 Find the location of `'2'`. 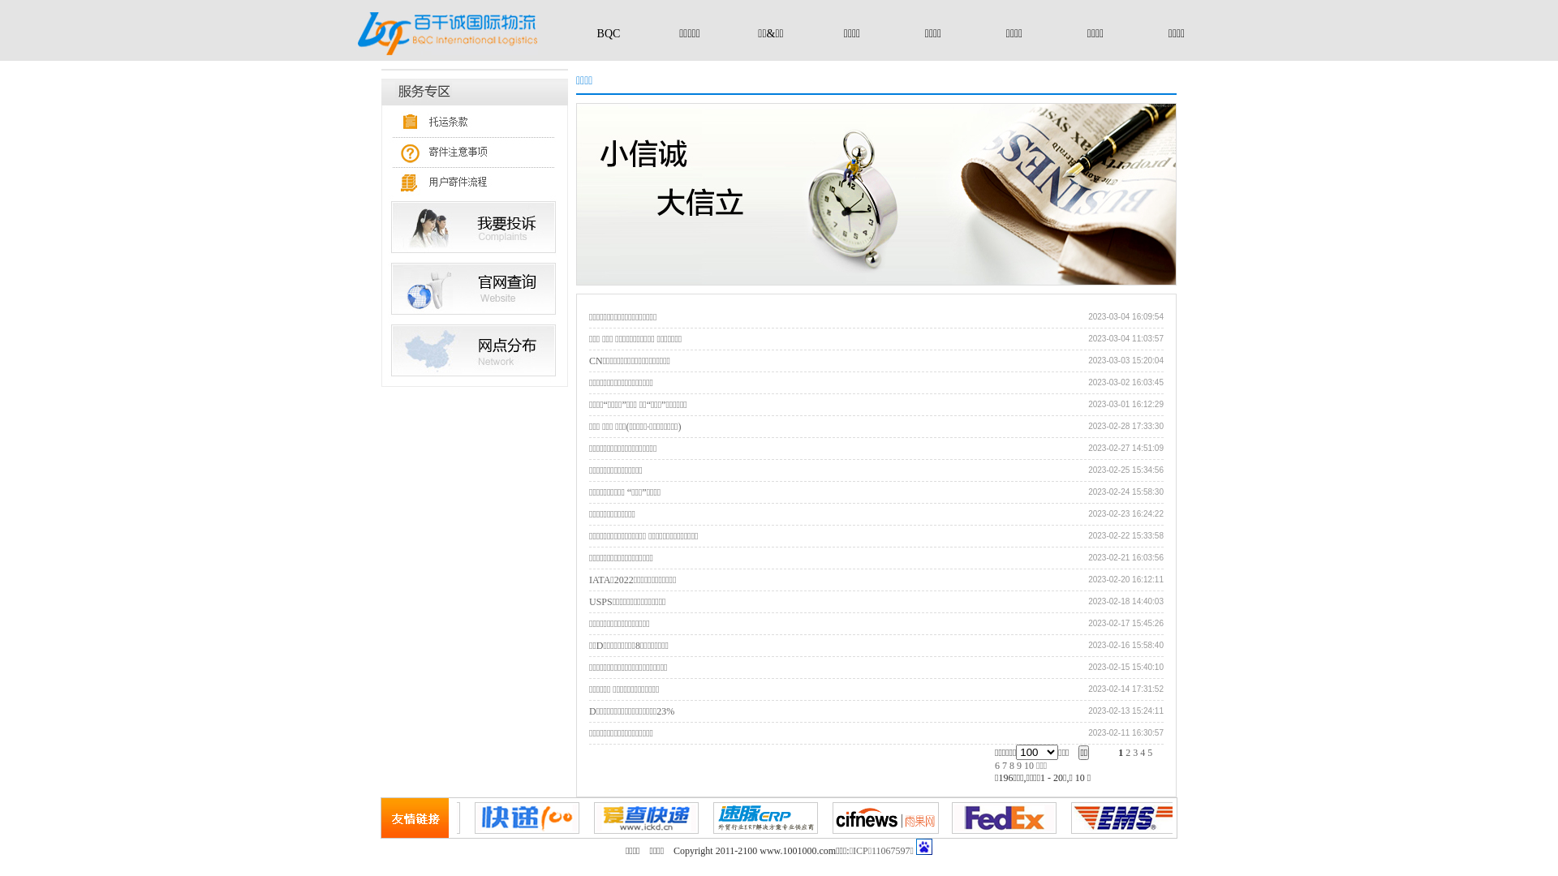

'2' is located at coordinates (1125, 753).